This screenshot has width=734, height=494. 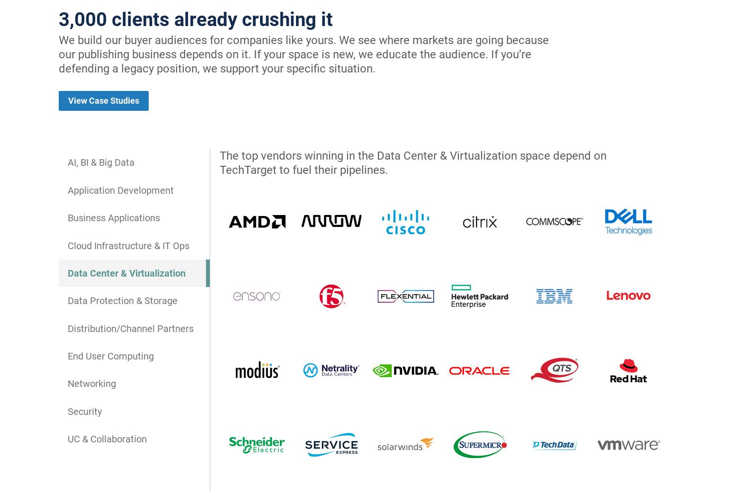 I want to click on 'Cloud Infrastructure & IT Ops', so click(x=128, y=244).